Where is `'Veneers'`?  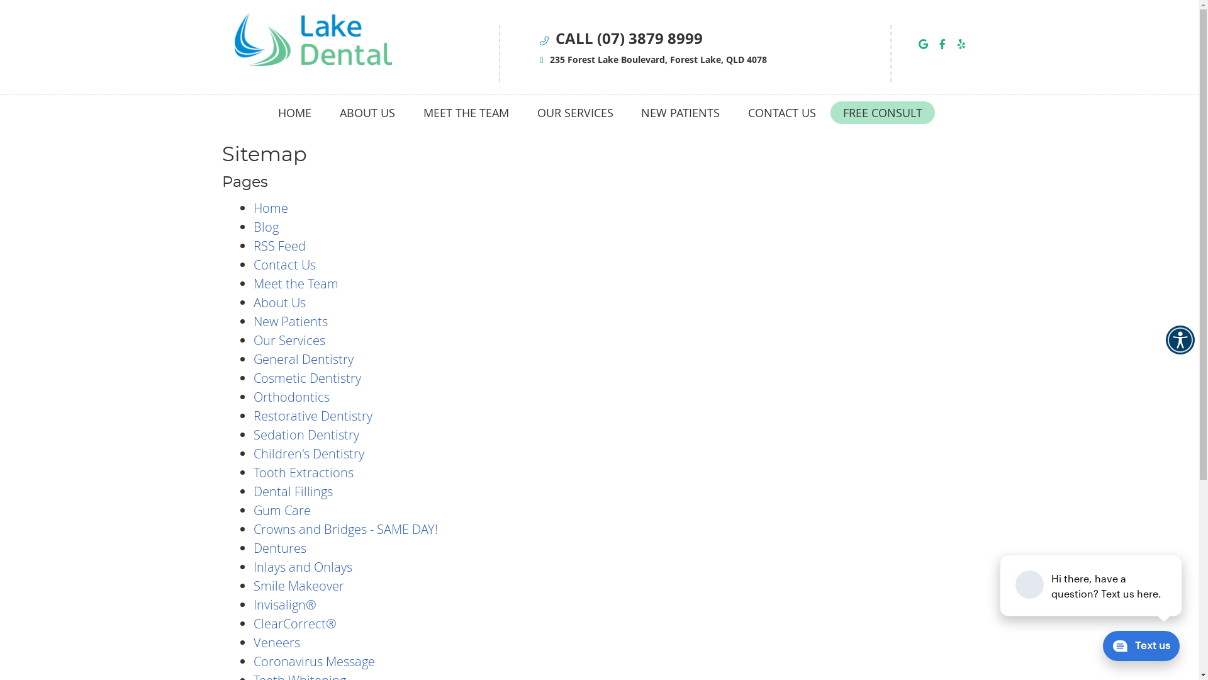 'Veneers' is located at coordinates (275, 642).